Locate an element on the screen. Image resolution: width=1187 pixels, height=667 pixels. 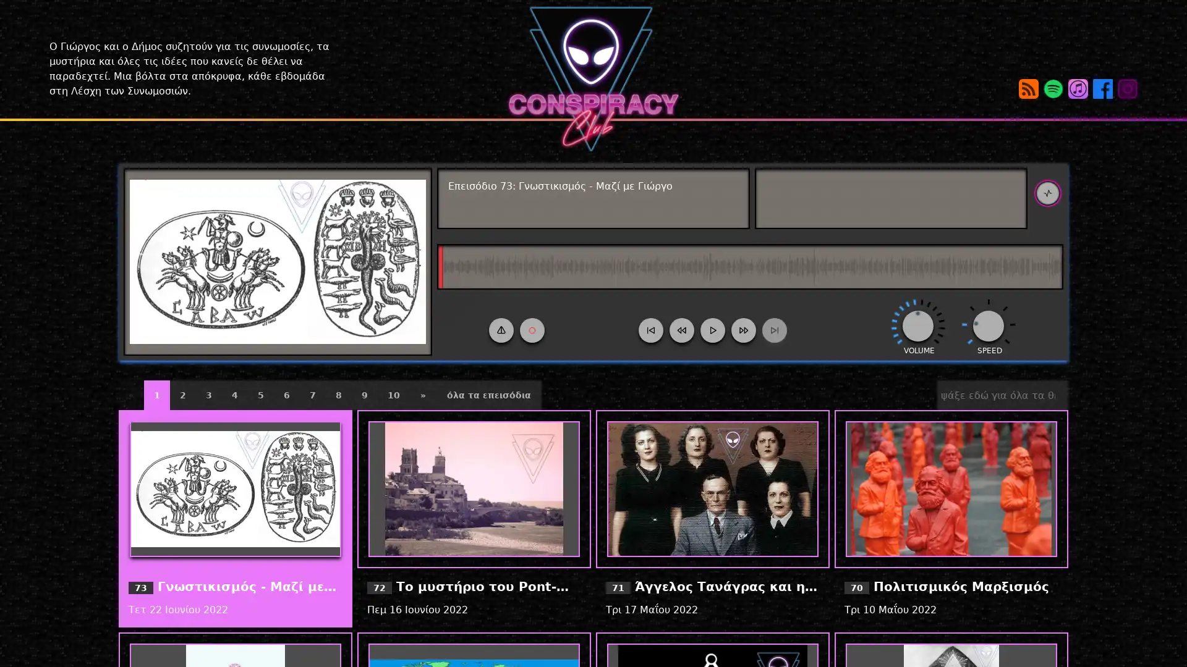
3 is located at coordinates (208, 395).